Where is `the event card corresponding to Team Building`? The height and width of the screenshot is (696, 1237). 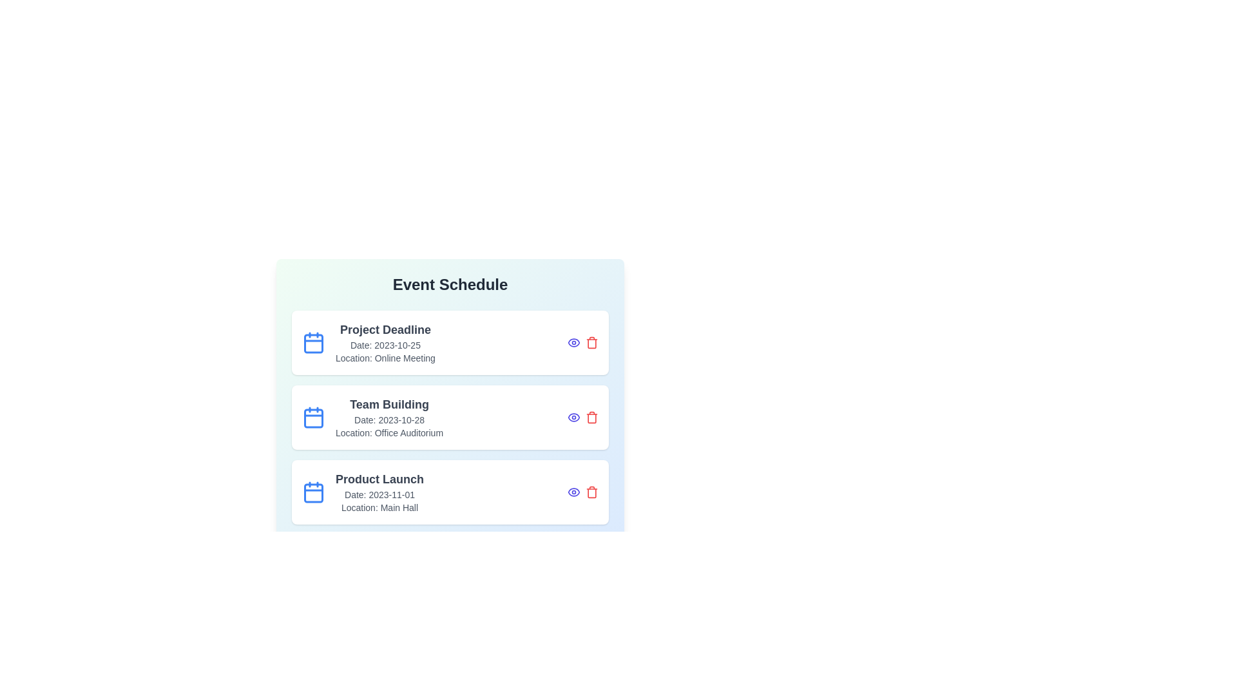 the event card corresponding to Team Building is located at coordinates (450, 418).